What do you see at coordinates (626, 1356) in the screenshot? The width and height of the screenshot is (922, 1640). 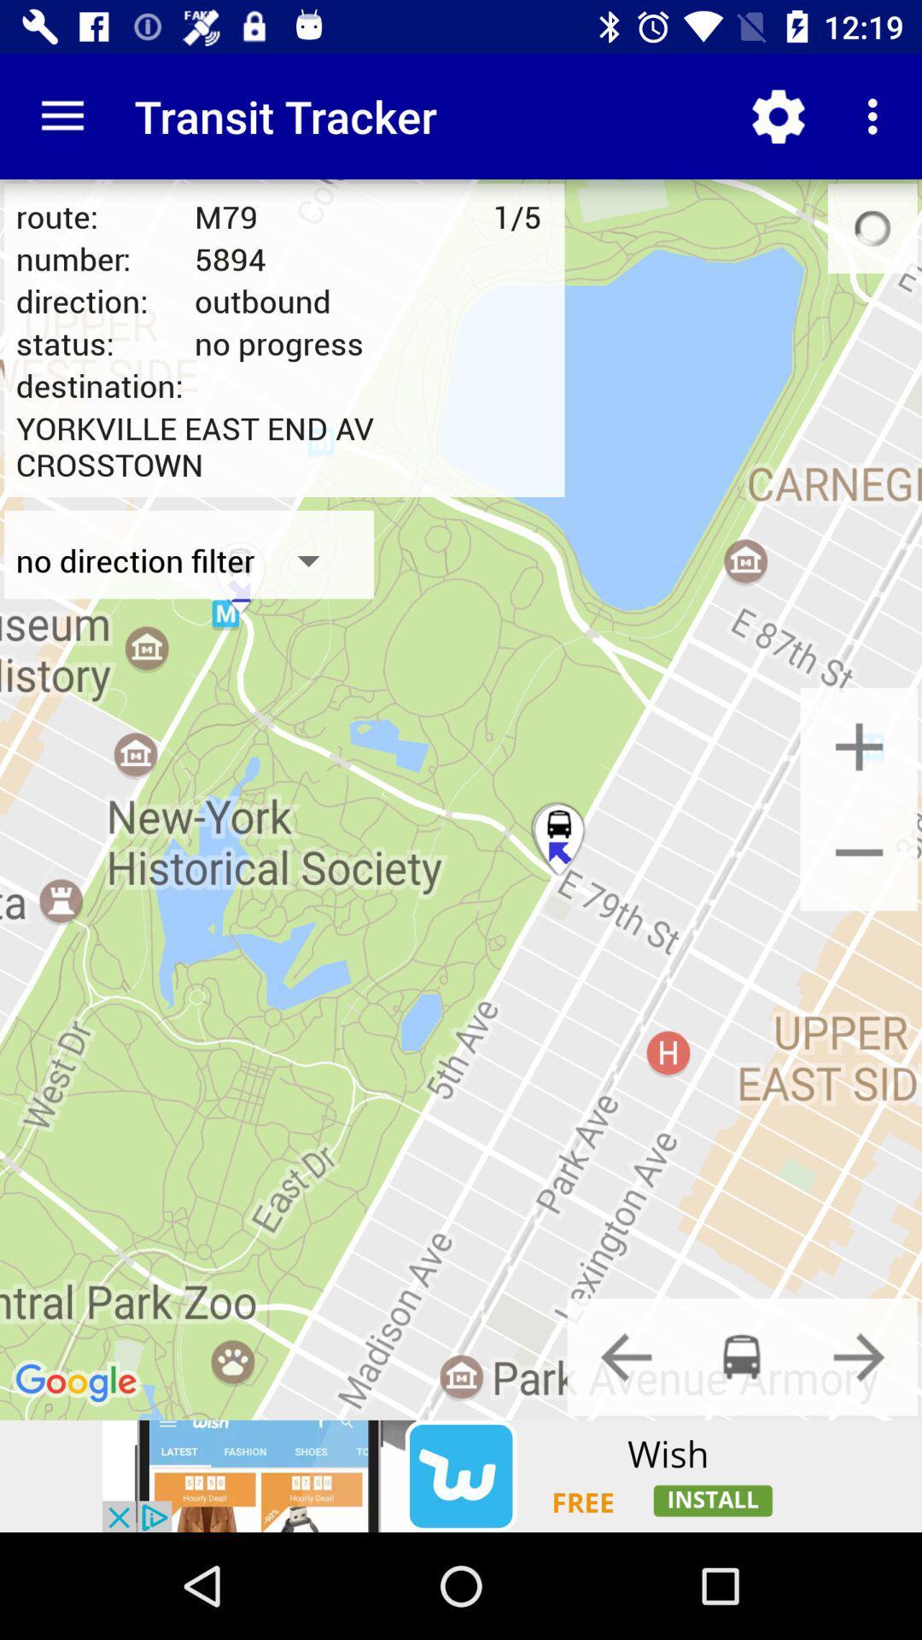 I see `previous` at bounding box center [626, 1356].